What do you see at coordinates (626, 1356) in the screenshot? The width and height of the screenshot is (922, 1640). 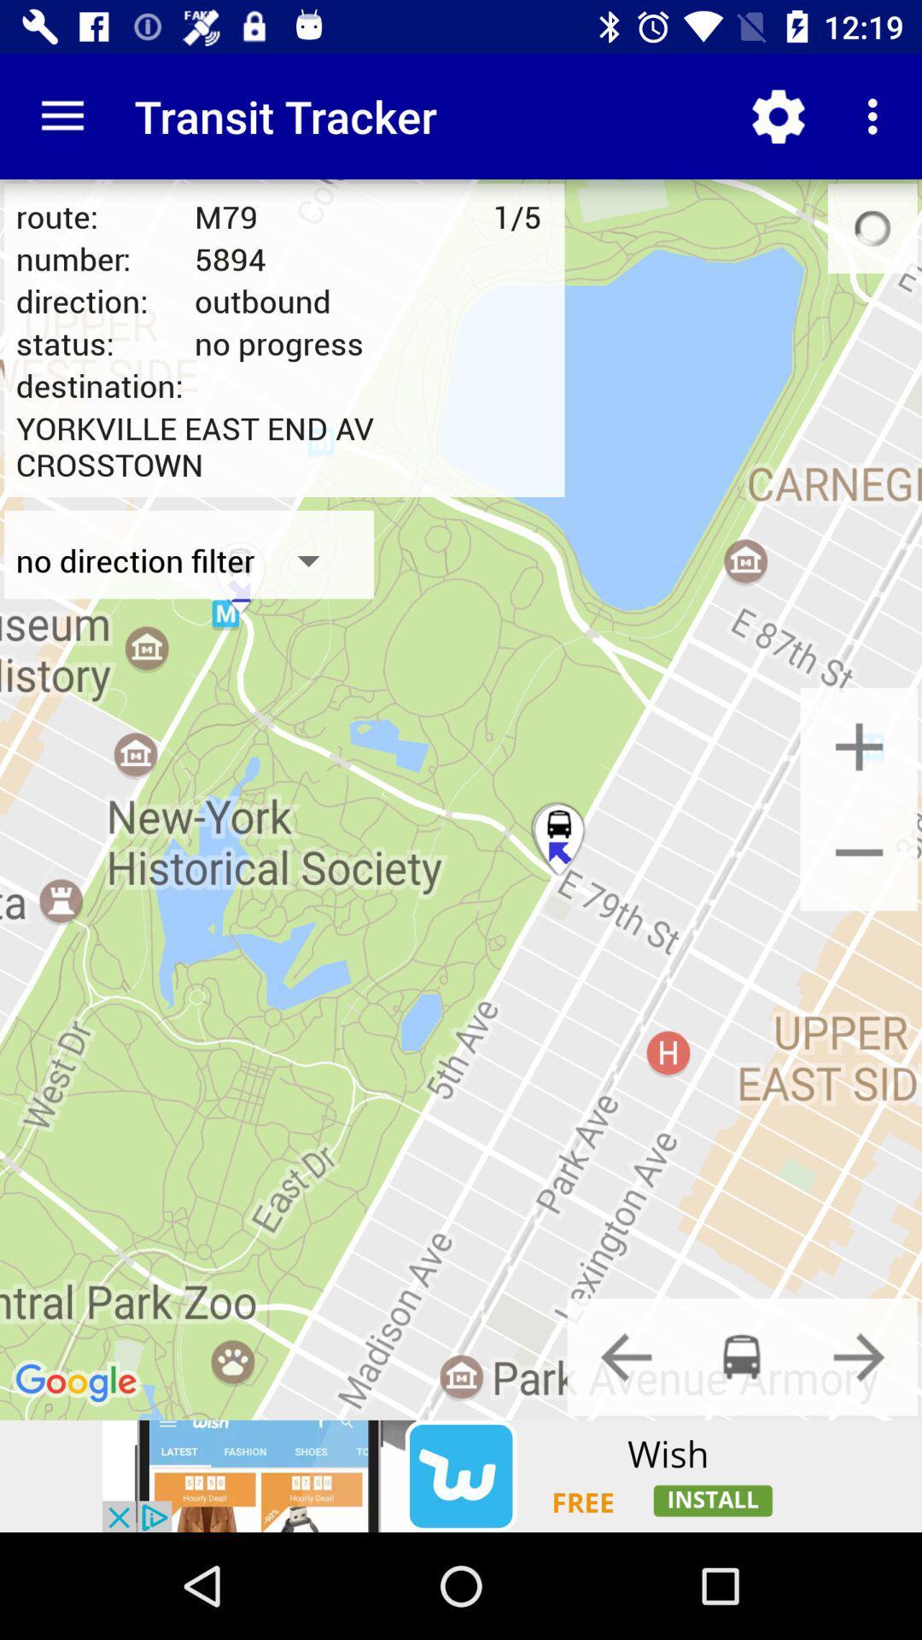 I see `previous` at bounding box center [626, 1356].